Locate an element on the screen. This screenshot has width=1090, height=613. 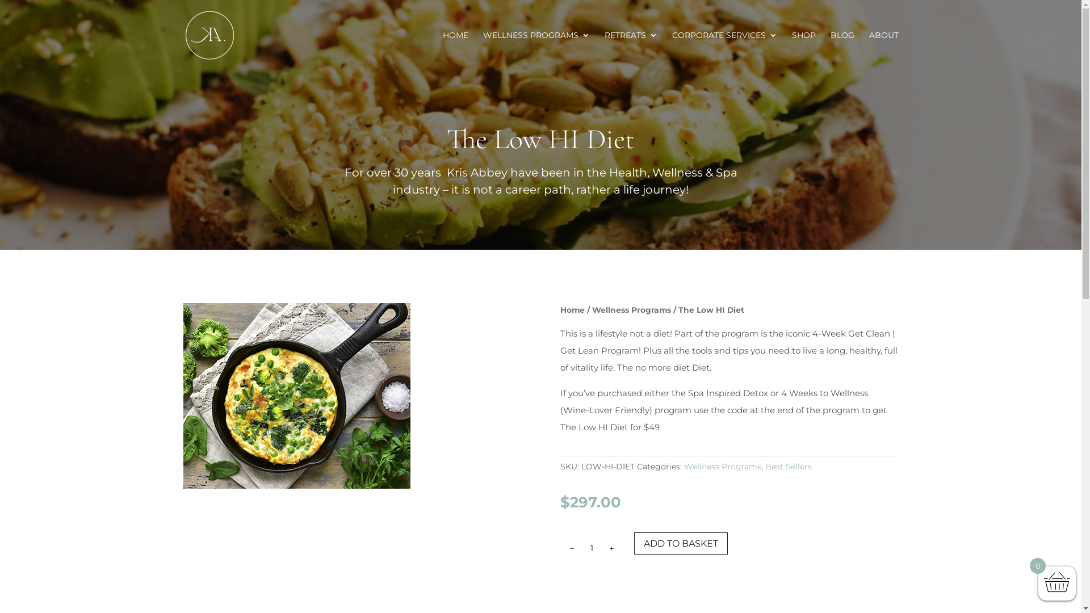
'HOME' is located at coordinates (442, 50).